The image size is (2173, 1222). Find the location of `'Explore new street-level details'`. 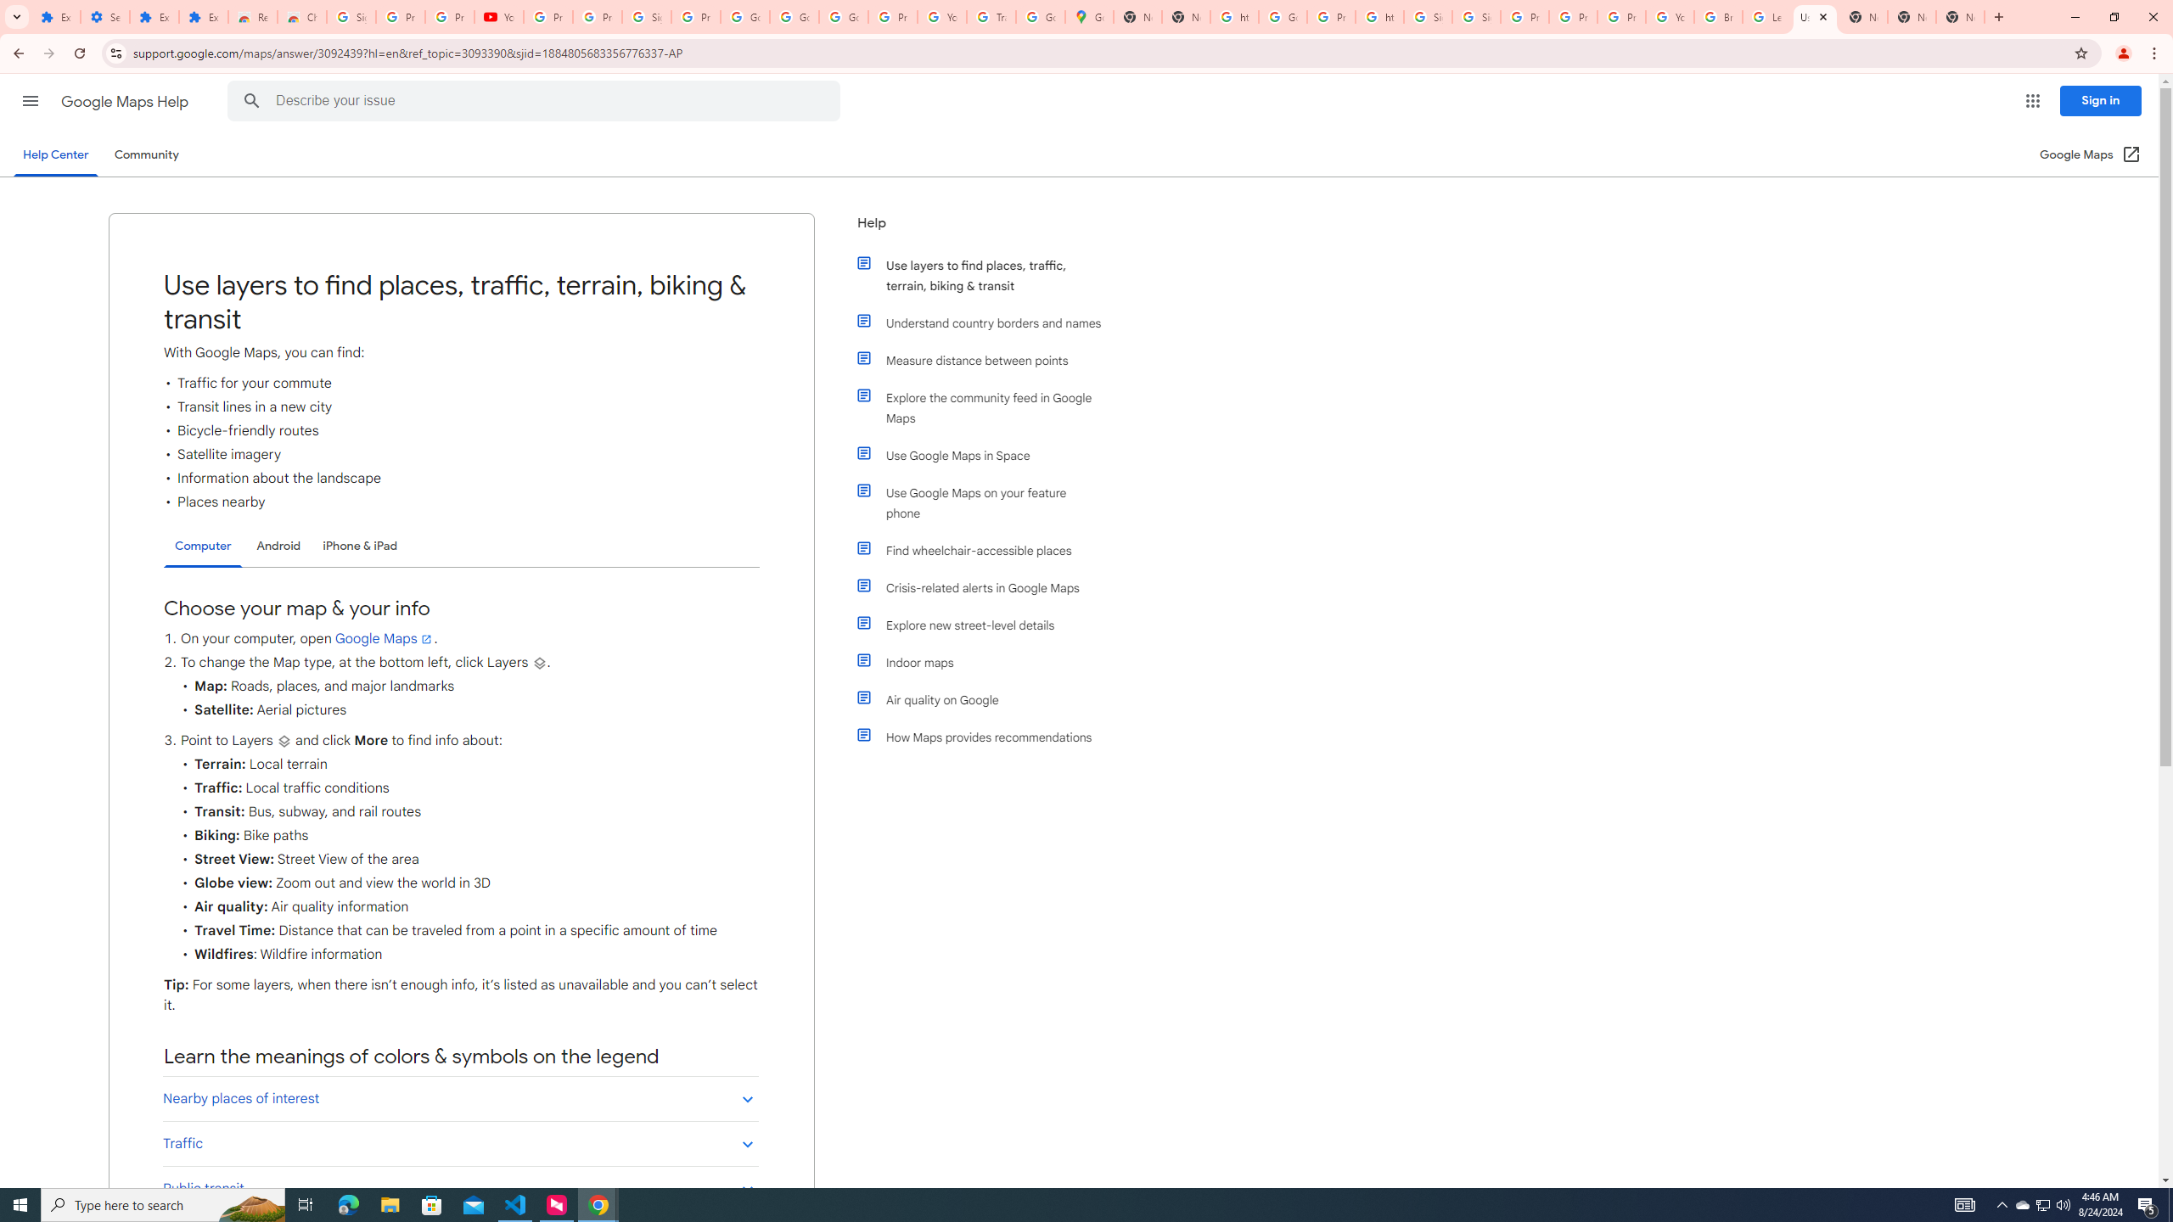

'Explore new street-level details' is located at coordinates (986, 625).